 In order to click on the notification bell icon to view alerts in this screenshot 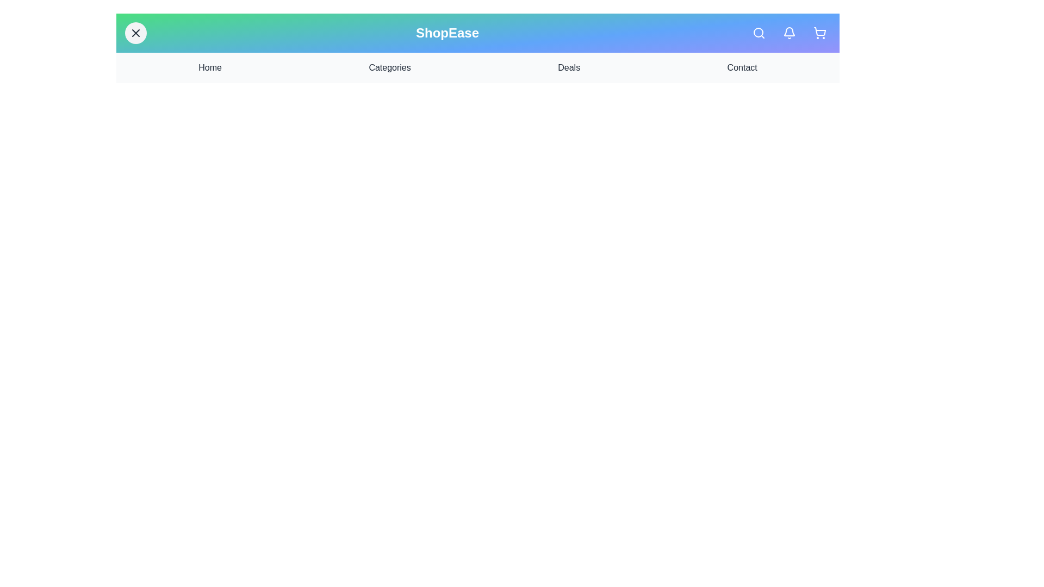, I will do `click(789, 33)`.